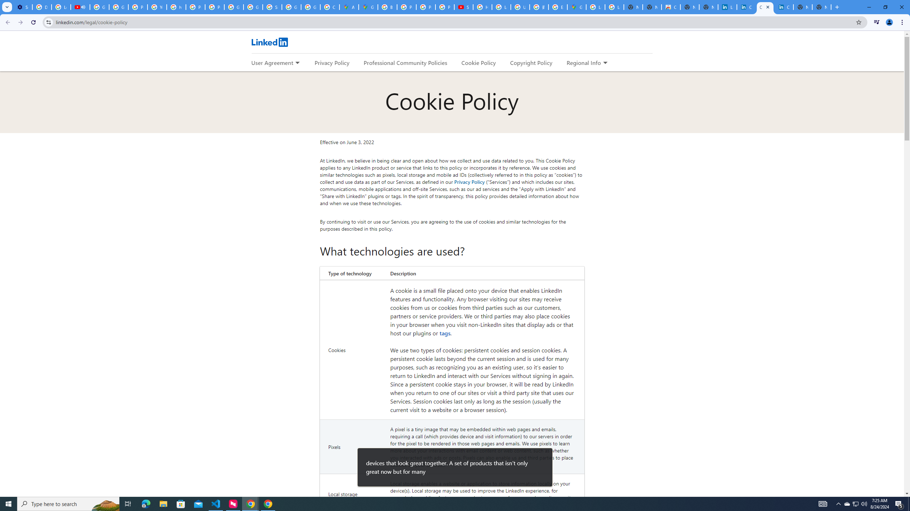  What do you see at coordinates (453, 22) in the screenshot?
I see `'Address and search bar'` at bounding box center [453, 22].